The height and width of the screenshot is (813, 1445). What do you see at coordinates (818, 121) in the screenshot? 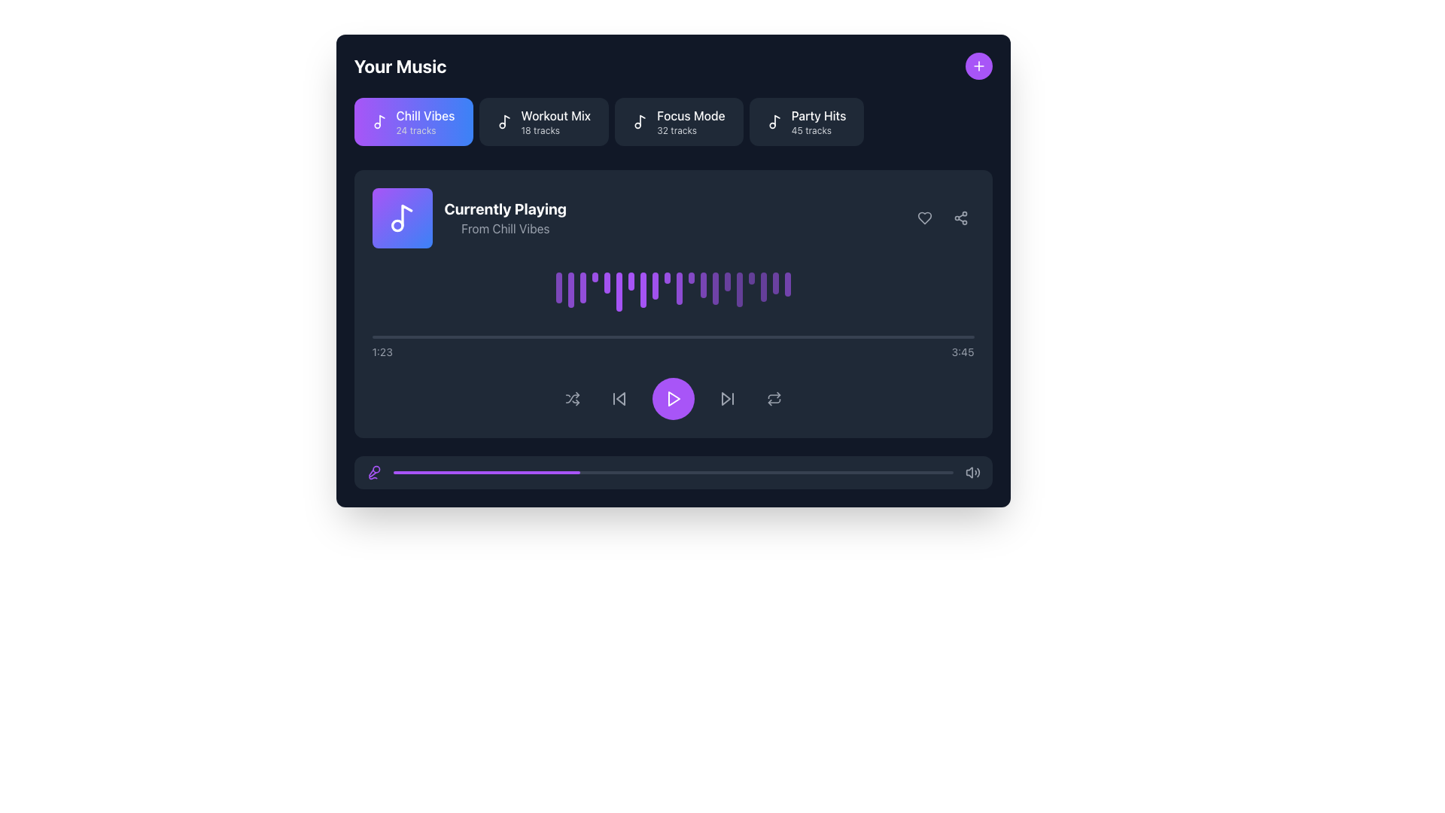
I see `the static text area displaying the 'Party Hits' playlist title and track count, located within the horizontal bar of selectable music playlists at the far right` at bounding box center [818, 121].